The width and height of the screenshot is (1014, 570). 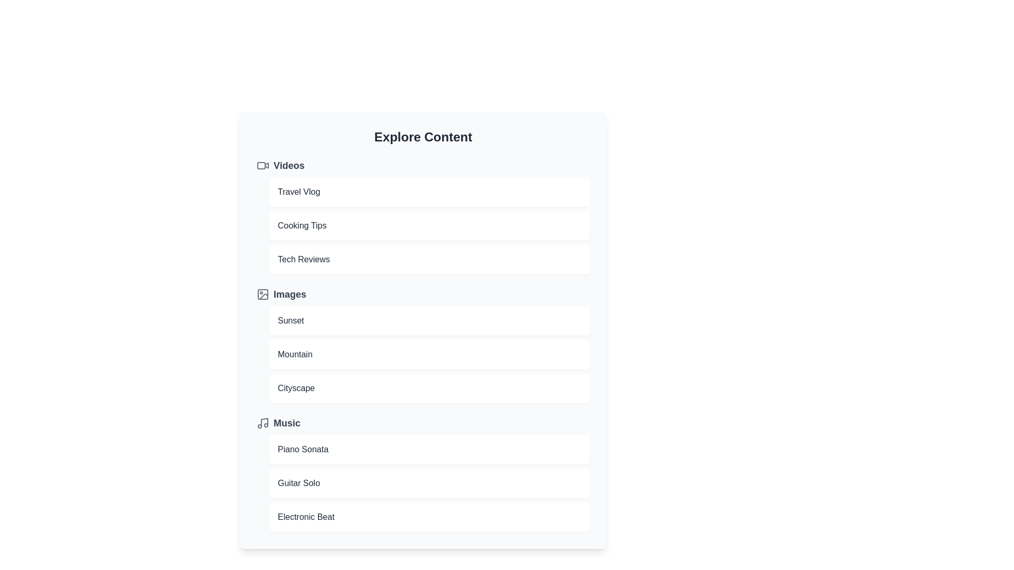 What do you see at coordinates (429, 388) in the screenshot?
I see `the item Cityscape to preview it` at bounding box center [429, 388].